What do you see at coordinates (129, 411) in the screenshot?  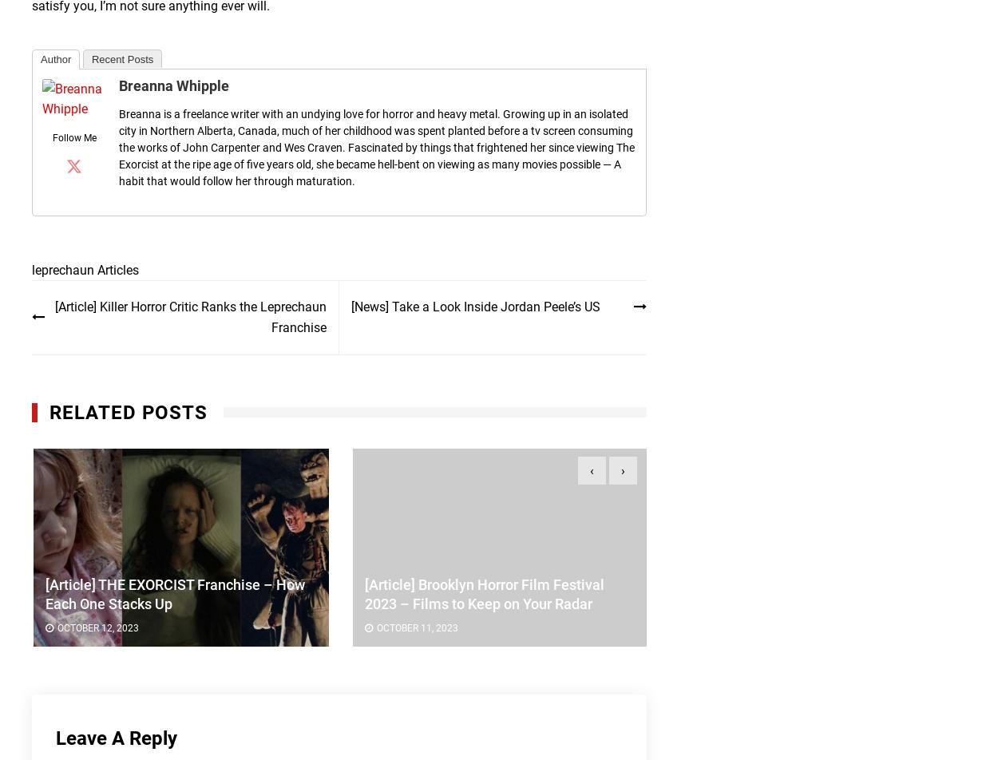 I see `'Related Posts'` at bounding box center [129, 411].